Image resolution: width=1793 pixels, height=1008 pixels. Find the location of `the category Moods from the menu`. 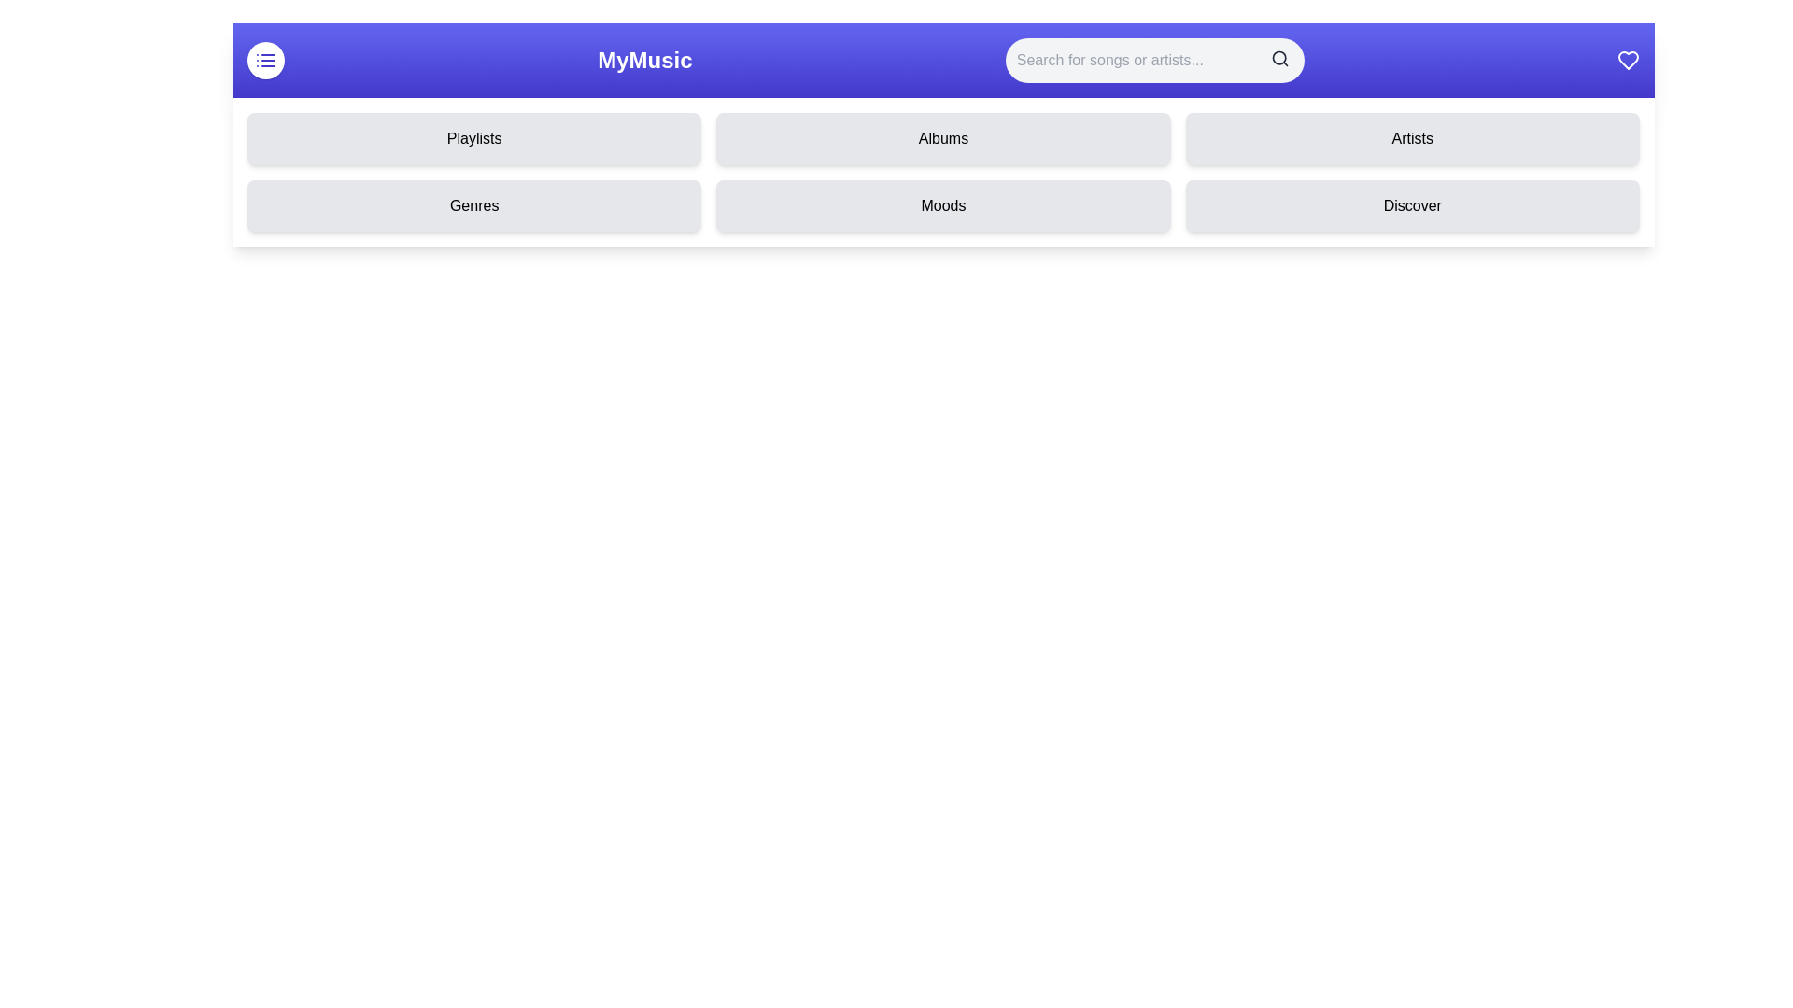

the category Moods from the menu is located at coordinates (942, 205).